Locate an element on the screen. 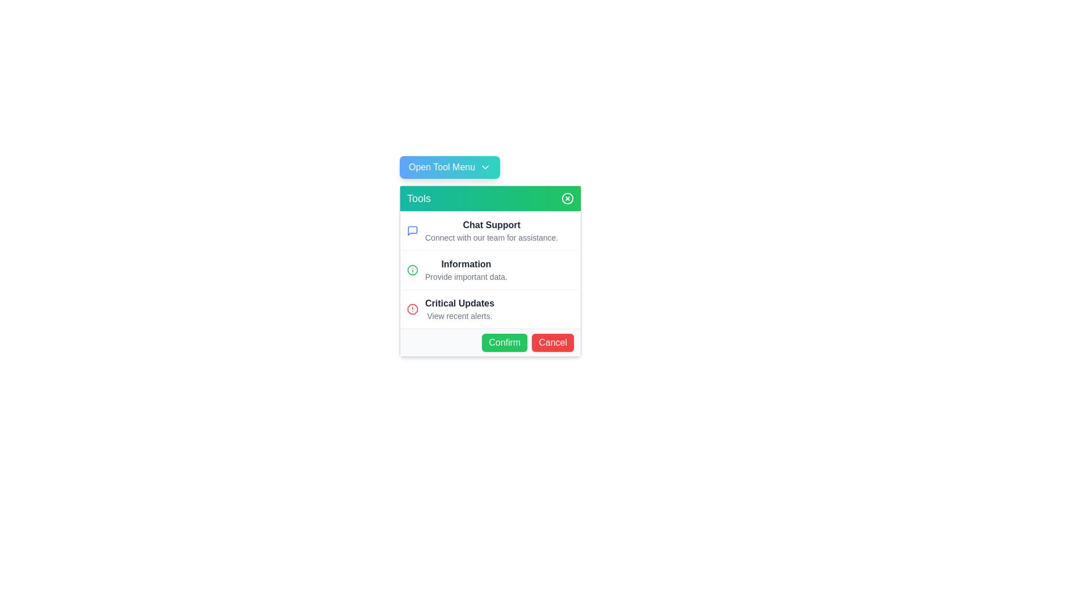 This screenshot has width=1090, height=613. the circular SVG element with a green background and white border located at the top-right corner of the 'Tools' section is located at coordinates (567, 198).